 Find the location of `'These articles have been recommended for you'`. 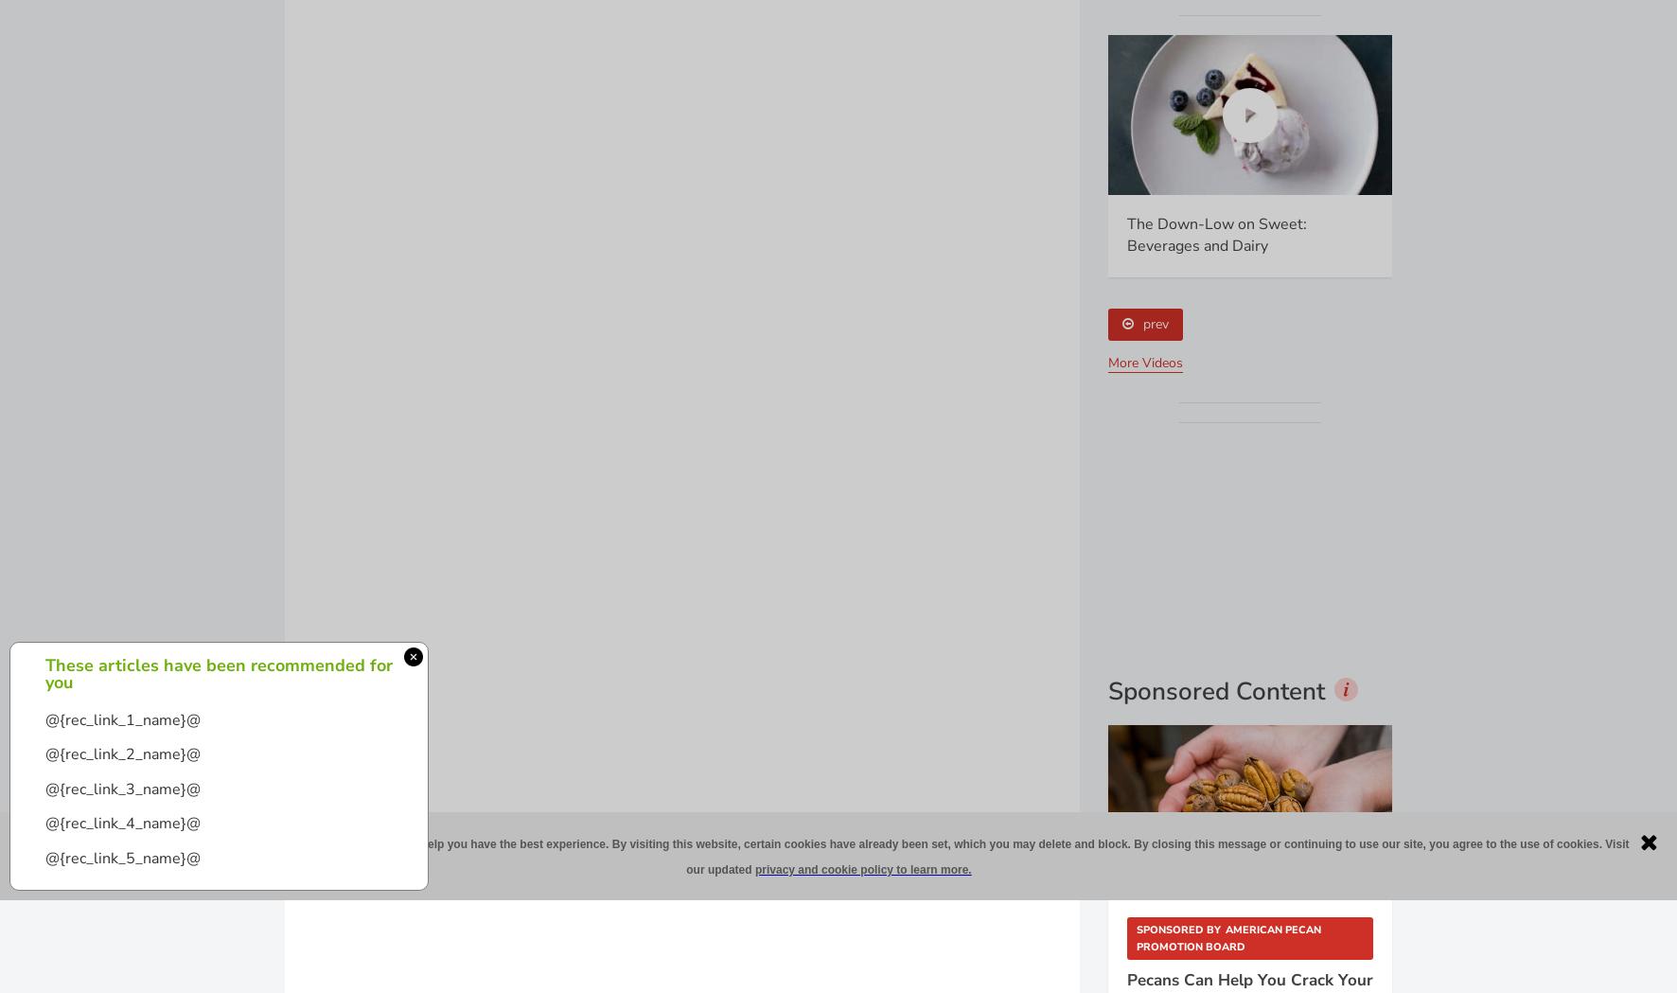

'These articles have been recommended for you' is located at coordinates (218, 673).